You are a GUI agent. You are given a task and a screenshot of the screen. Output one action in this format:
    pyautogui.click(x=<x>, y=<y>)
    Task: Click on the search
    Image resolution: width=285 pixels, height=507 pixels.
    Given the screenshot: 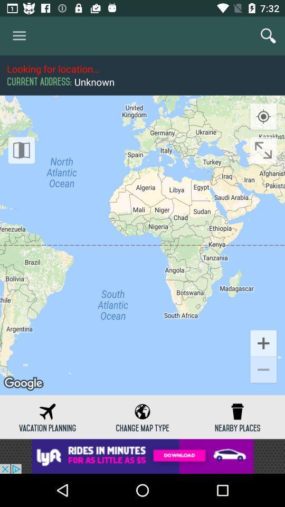 What is the action you would take?
    pyautogui.click(x=268, y=36)
    